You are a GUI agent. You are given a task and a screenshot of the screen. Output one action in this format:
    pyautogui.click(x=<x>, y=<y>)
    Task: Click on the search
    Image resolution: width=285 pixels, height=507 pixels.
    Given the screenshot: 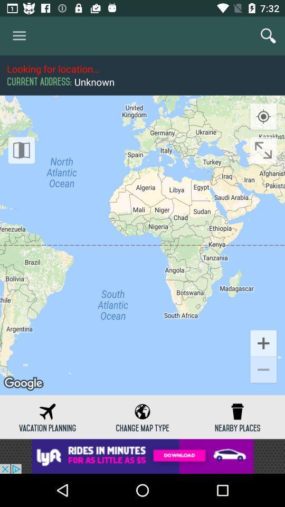 What is the action you would take?
    pyautogui.click(x=268, y=36)
    